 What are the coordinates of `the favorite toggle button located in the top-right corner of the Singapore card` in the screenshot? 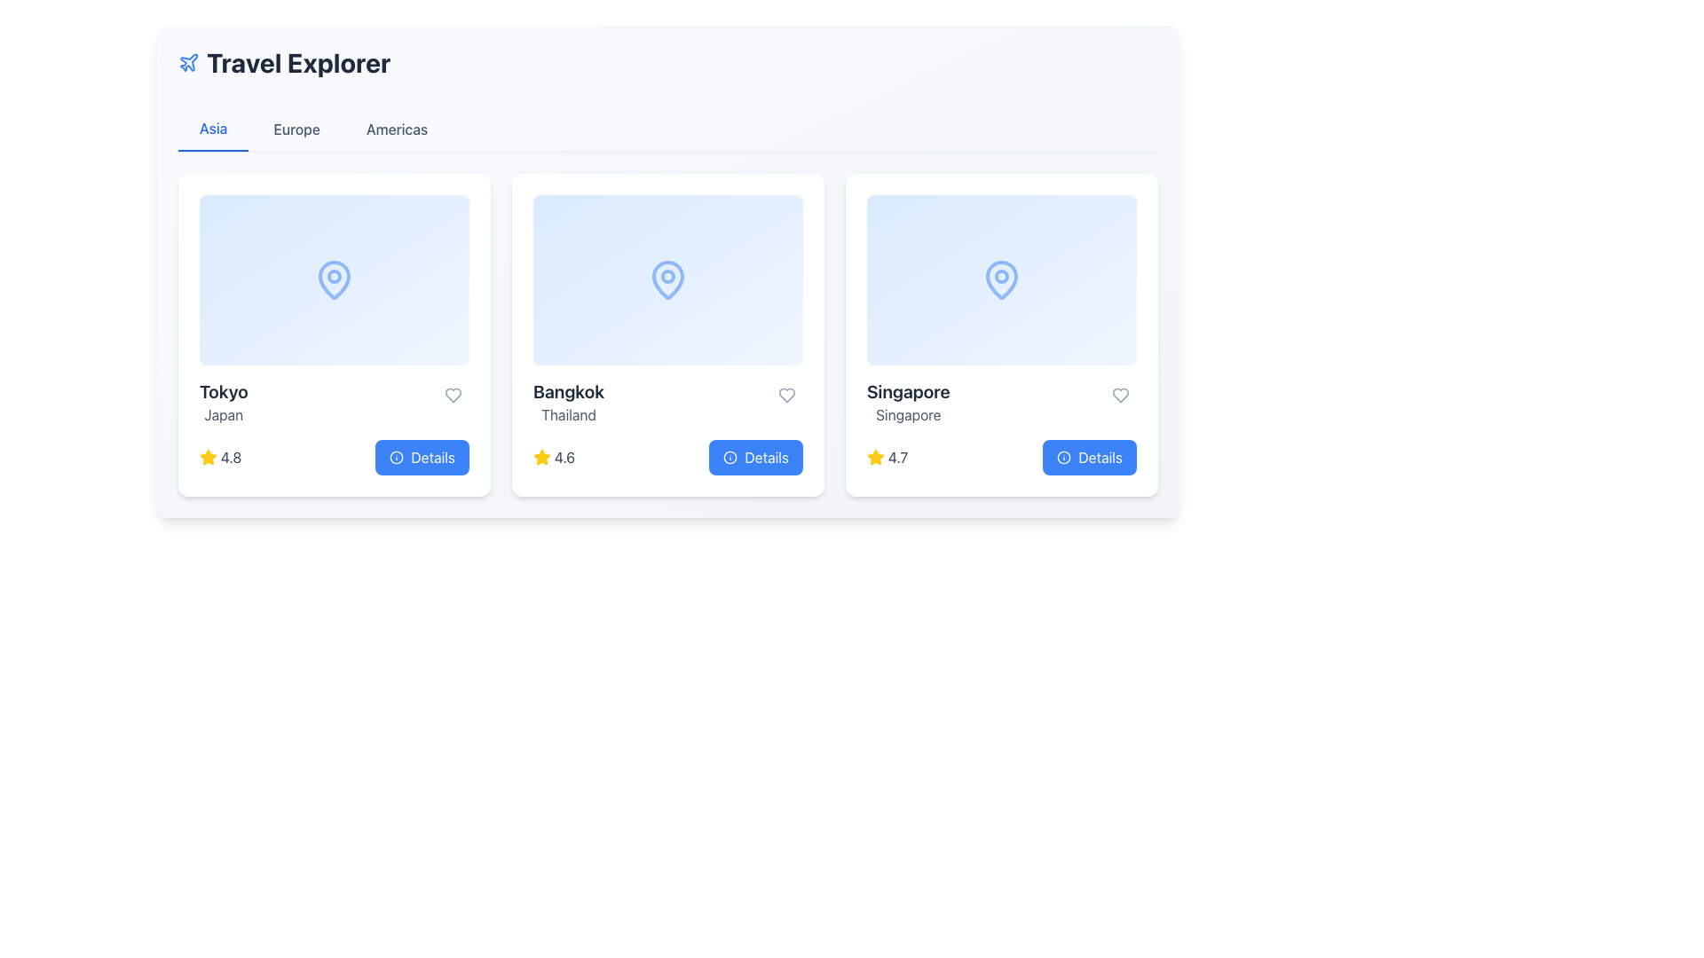 It's located at (1119, 395).